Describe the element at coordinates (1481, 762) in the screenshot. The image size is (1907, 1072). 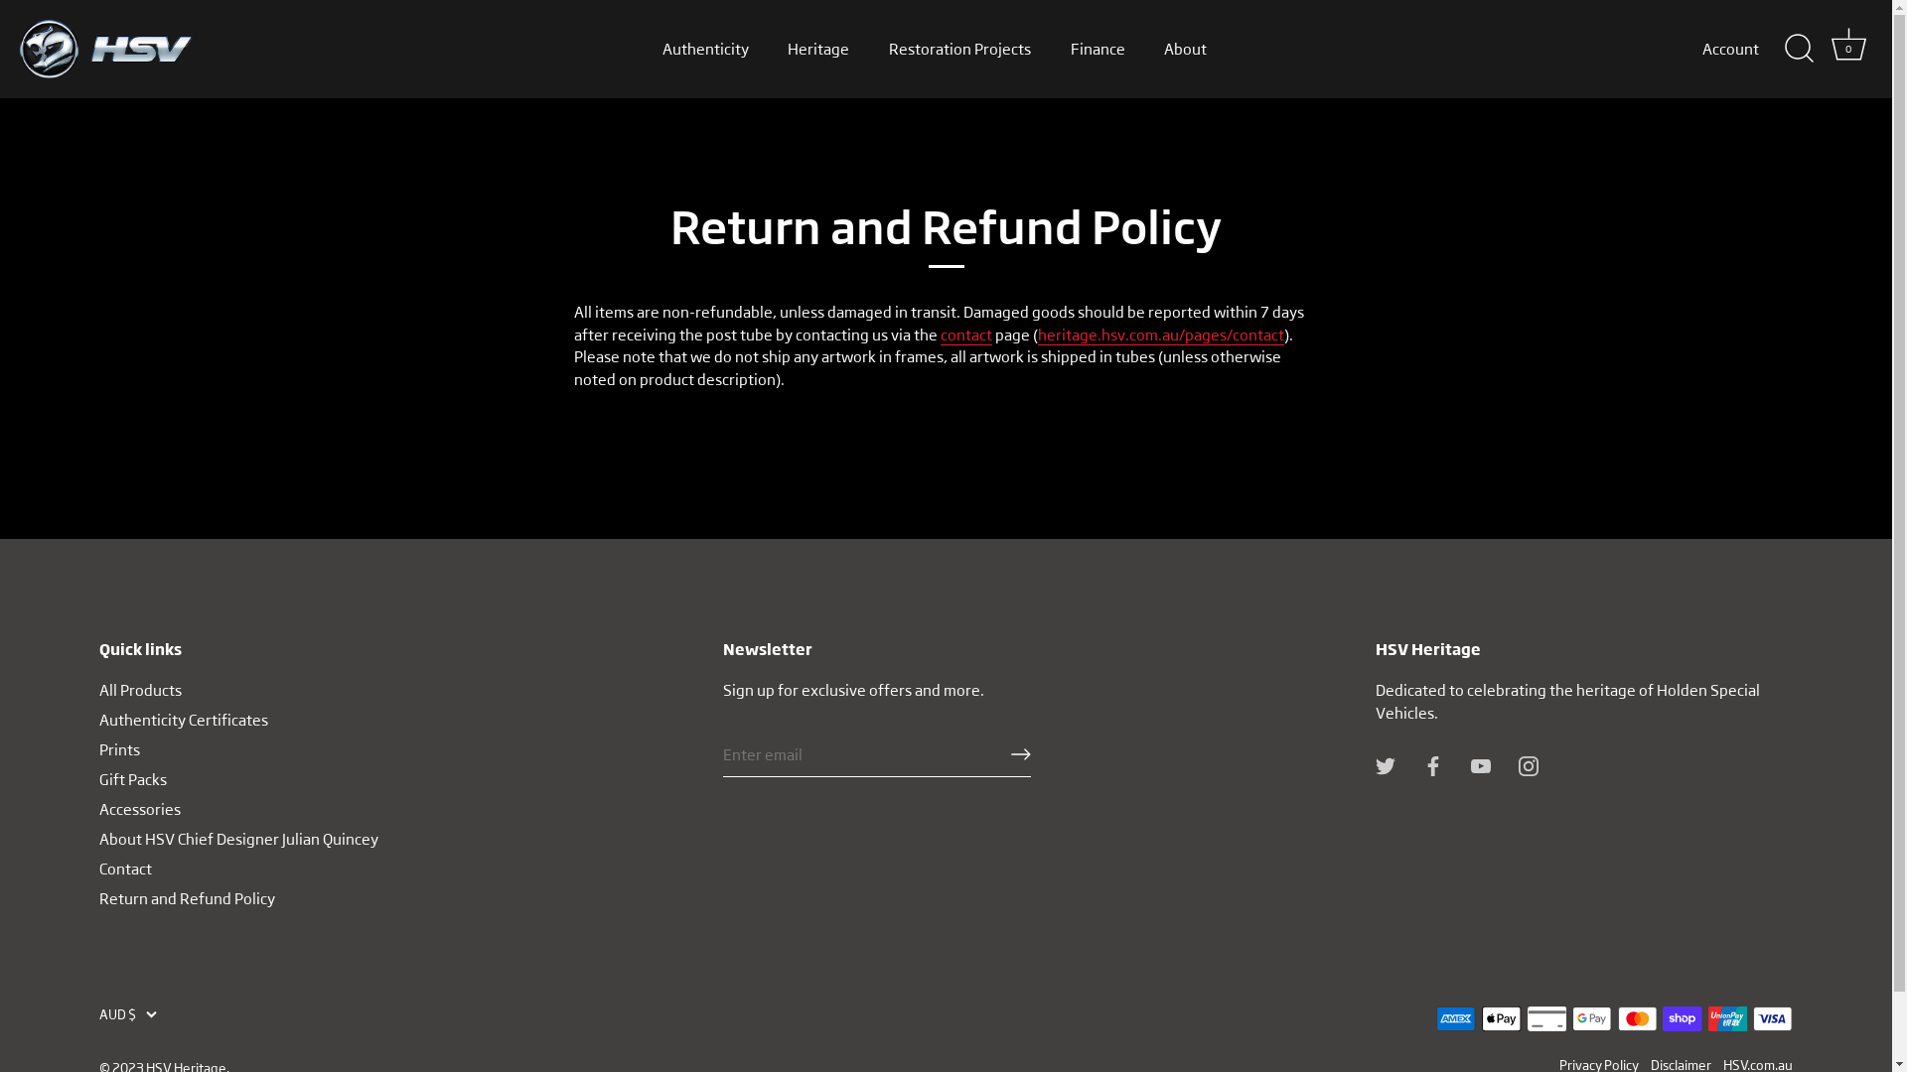
I see `'Youtube'` at that location.